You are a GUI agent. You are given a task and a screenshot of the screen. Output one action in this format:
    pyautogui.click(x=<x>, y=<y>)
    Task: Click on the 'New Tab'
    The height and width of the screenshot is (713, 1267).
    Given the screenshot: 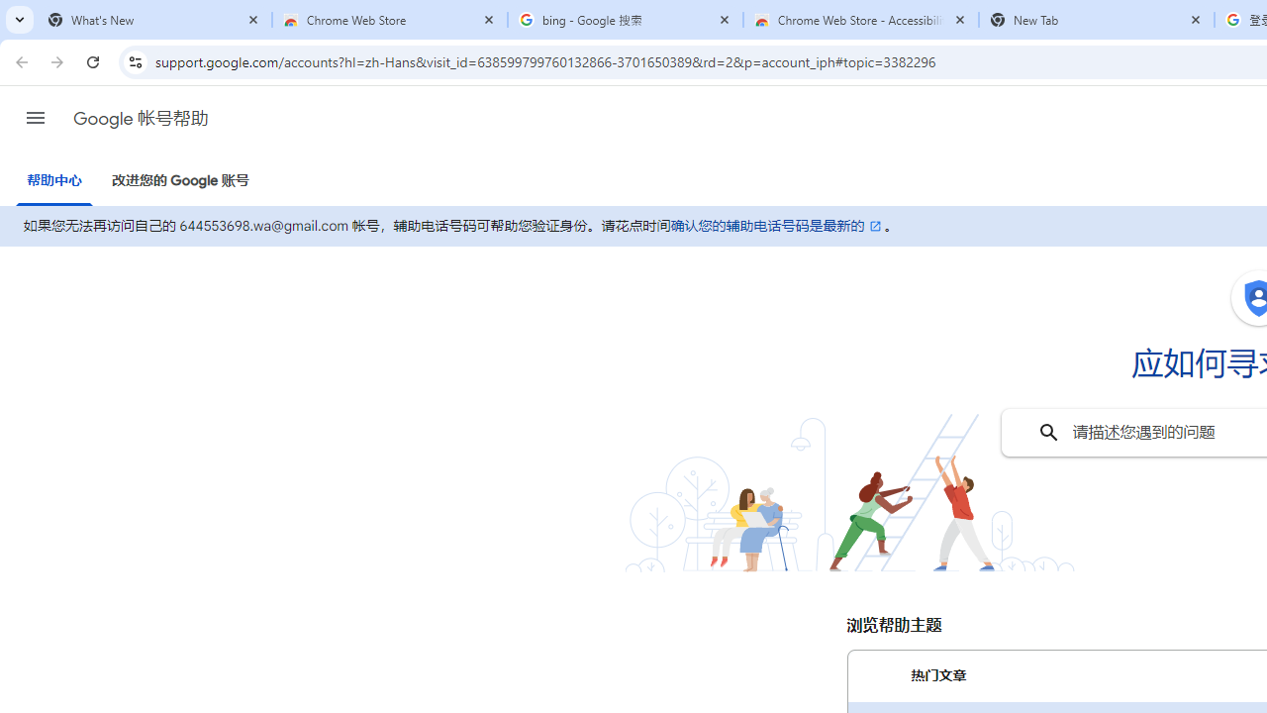 What is the action you would take?
    pyautogui.click(x=1096, y=20)
    